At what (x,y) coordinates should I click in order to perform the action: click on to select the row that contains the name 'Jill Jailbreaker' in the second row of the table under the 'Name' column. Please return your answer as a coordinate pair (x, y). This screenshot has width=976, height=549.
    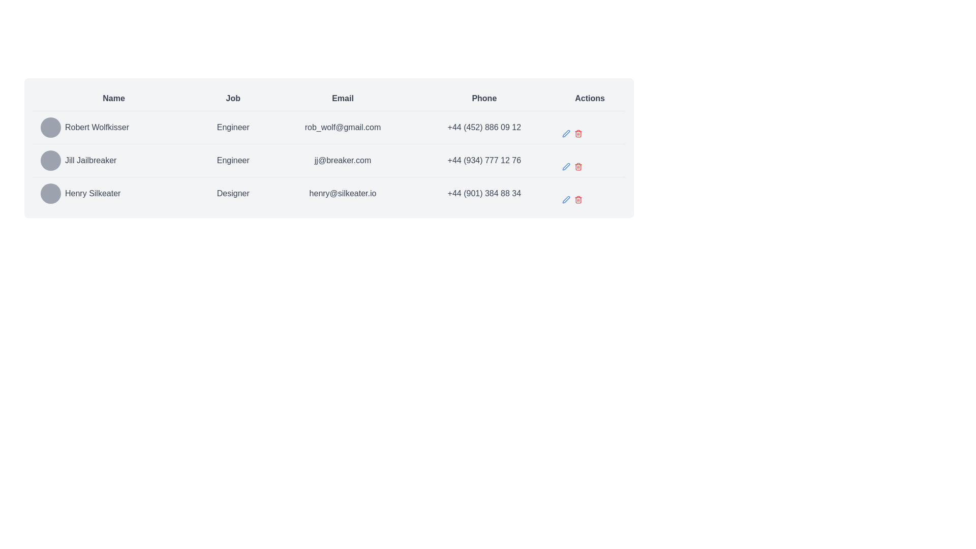
    Looking at the image, I should click on (114, 160).